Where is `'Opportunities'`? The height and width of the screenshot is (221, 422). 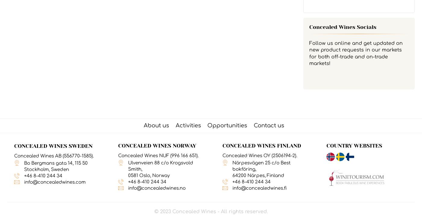
'Opportunities' is located at coordinates (227, 125).